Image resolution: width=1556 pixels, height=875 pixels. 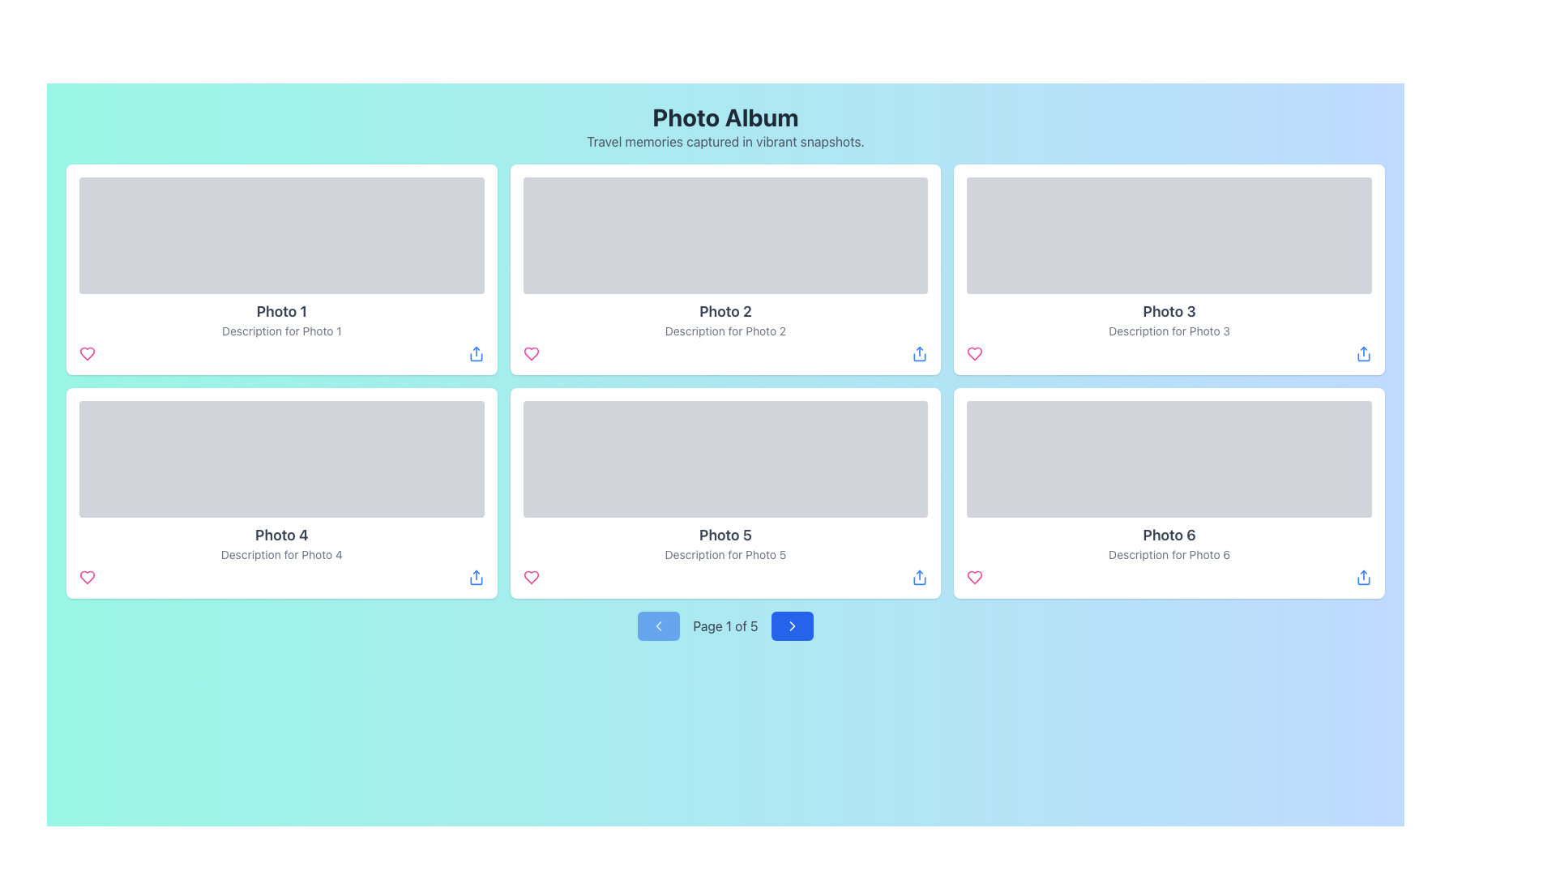 What do you see at coordinates (281, 330) in the screenshot?
I see `the small text label with gray font reading 'Description for Photo 1', located beneath the title 'Photo 1' in the first card of the grid display` at bounding box center [281, 330].